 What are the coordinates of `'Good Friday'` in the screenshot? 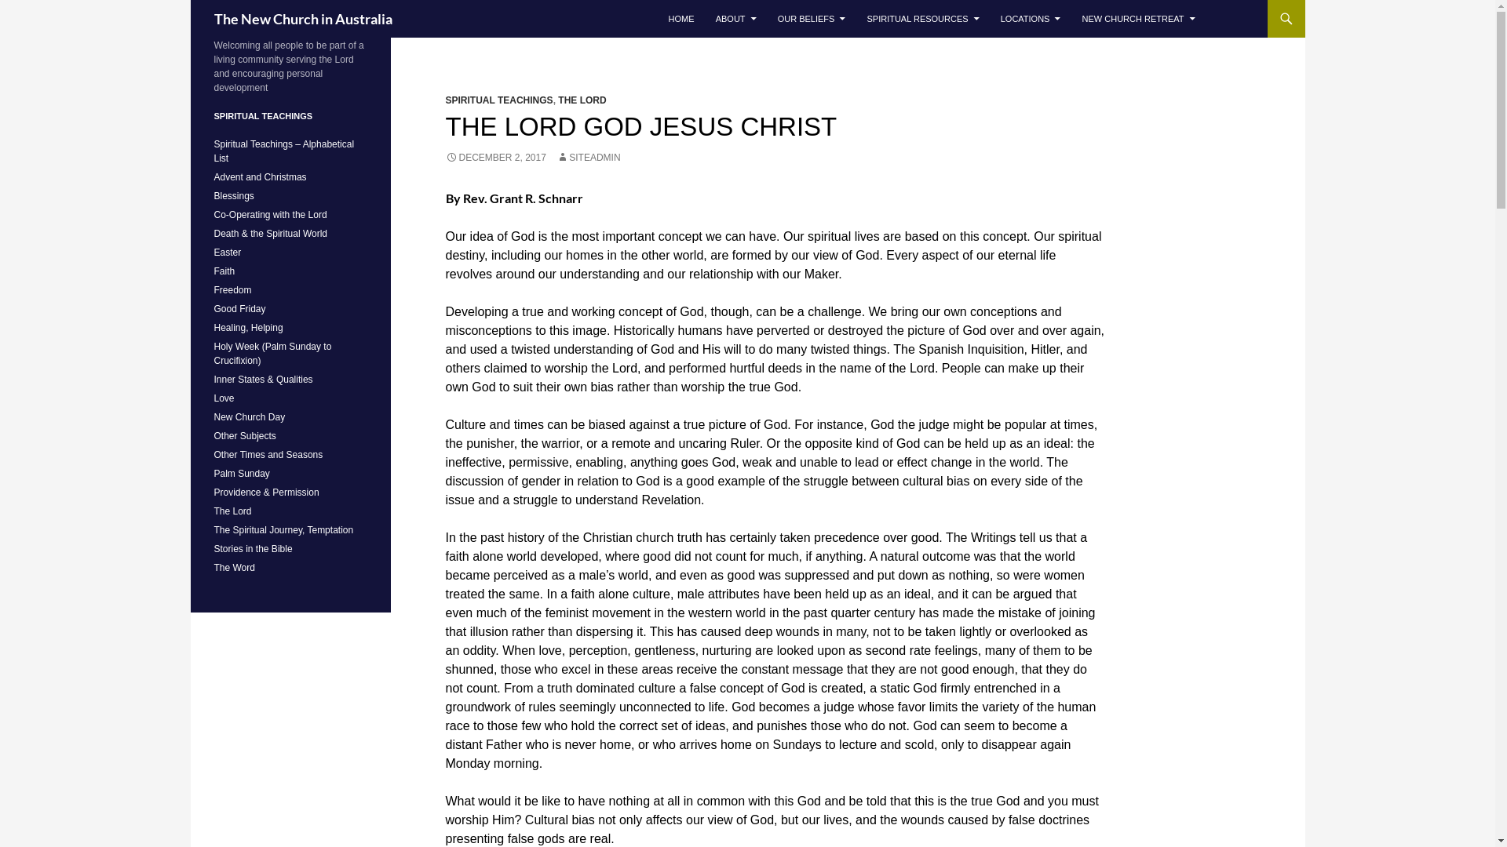 It's located at (213, 308).